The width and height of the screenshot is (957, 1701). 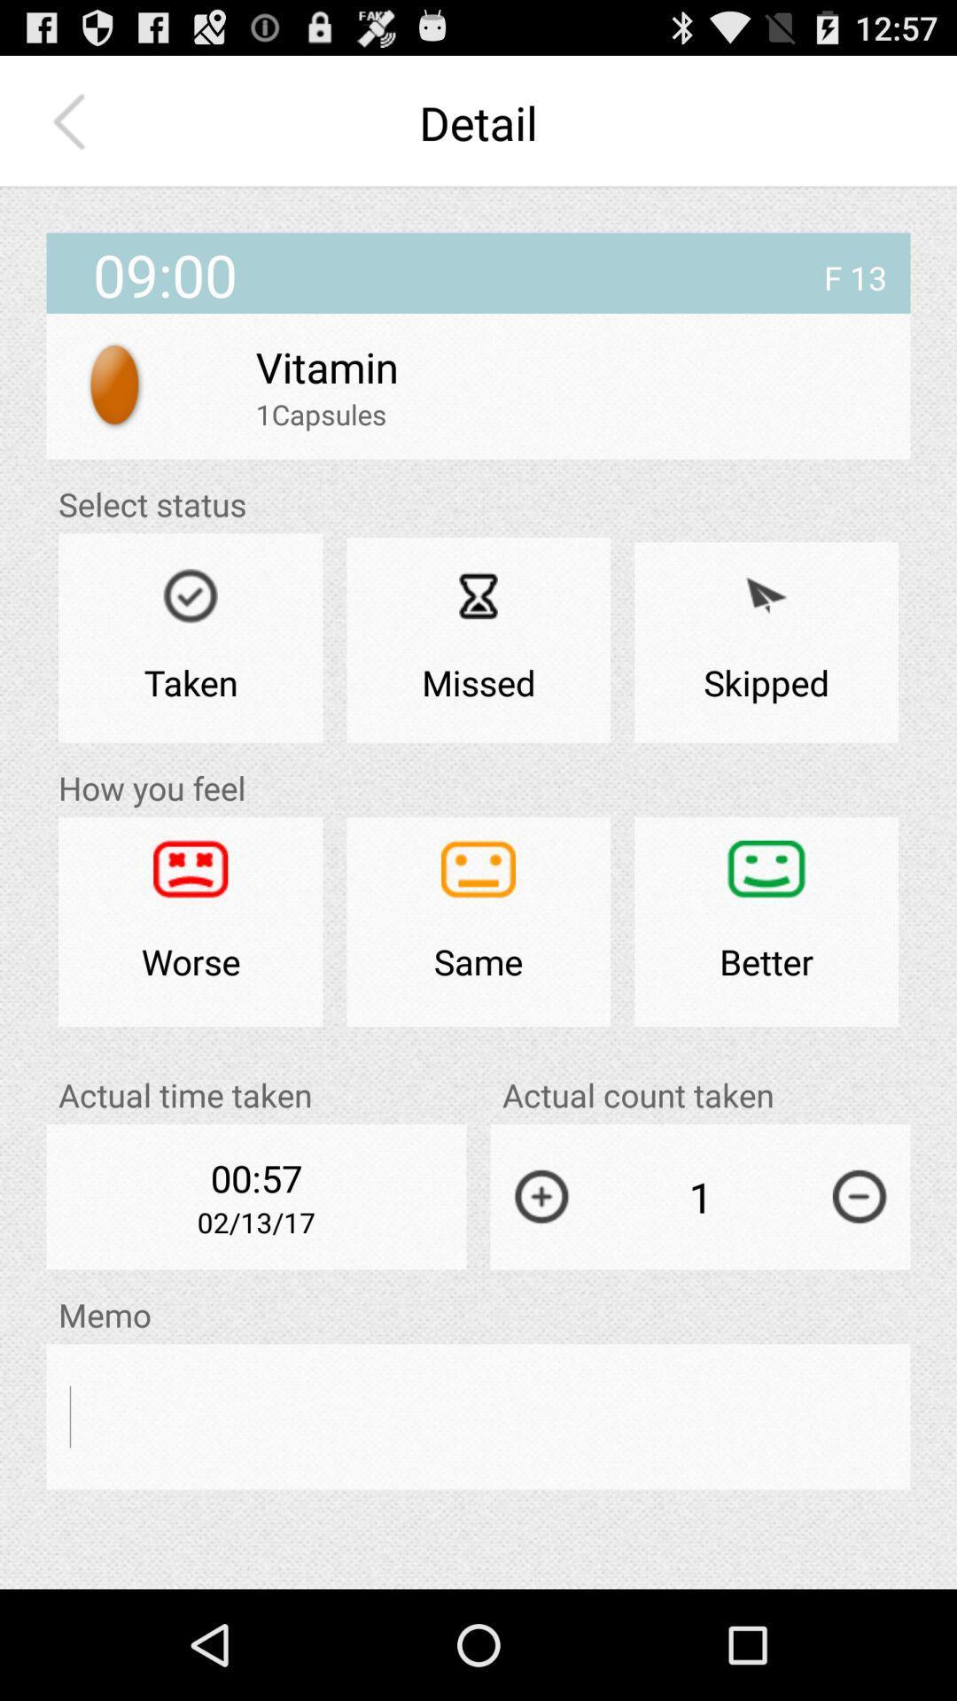 What do you see at coordinates (766, 921) in the screenshot?
I see `the icon to the right of the same icon` at bounding box center [766, 921].